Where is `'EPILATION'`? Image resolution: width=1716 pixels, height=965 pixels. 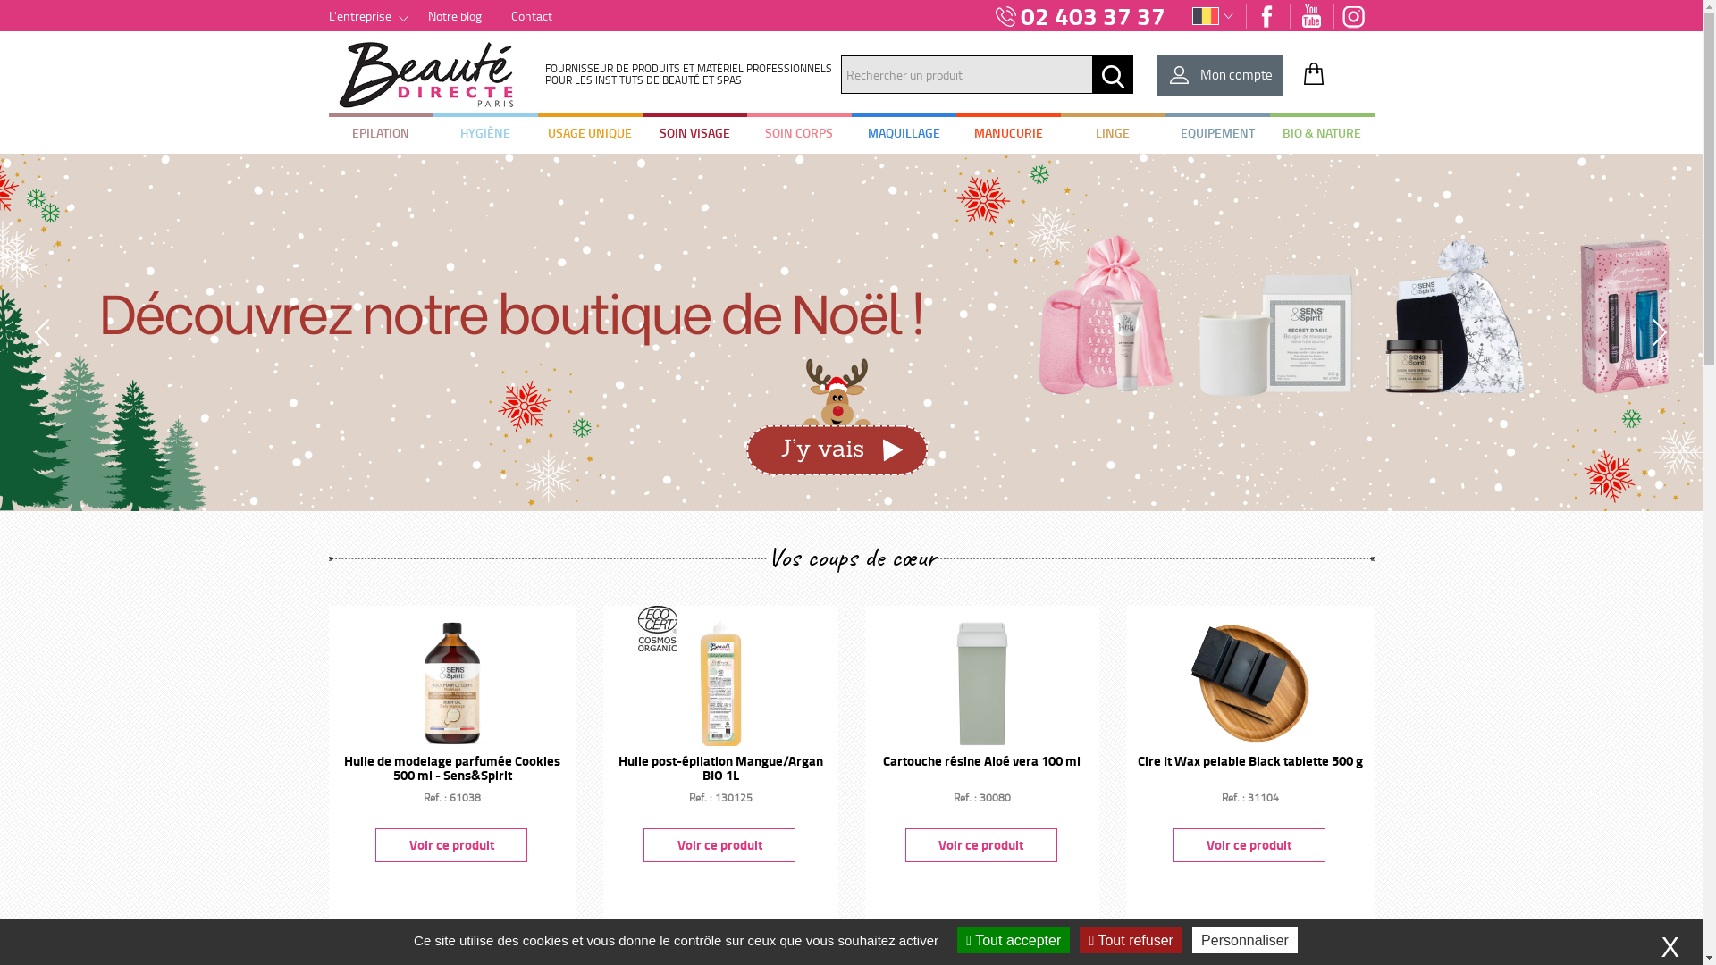 'EPILATION' is located at coordinates (380, 132).